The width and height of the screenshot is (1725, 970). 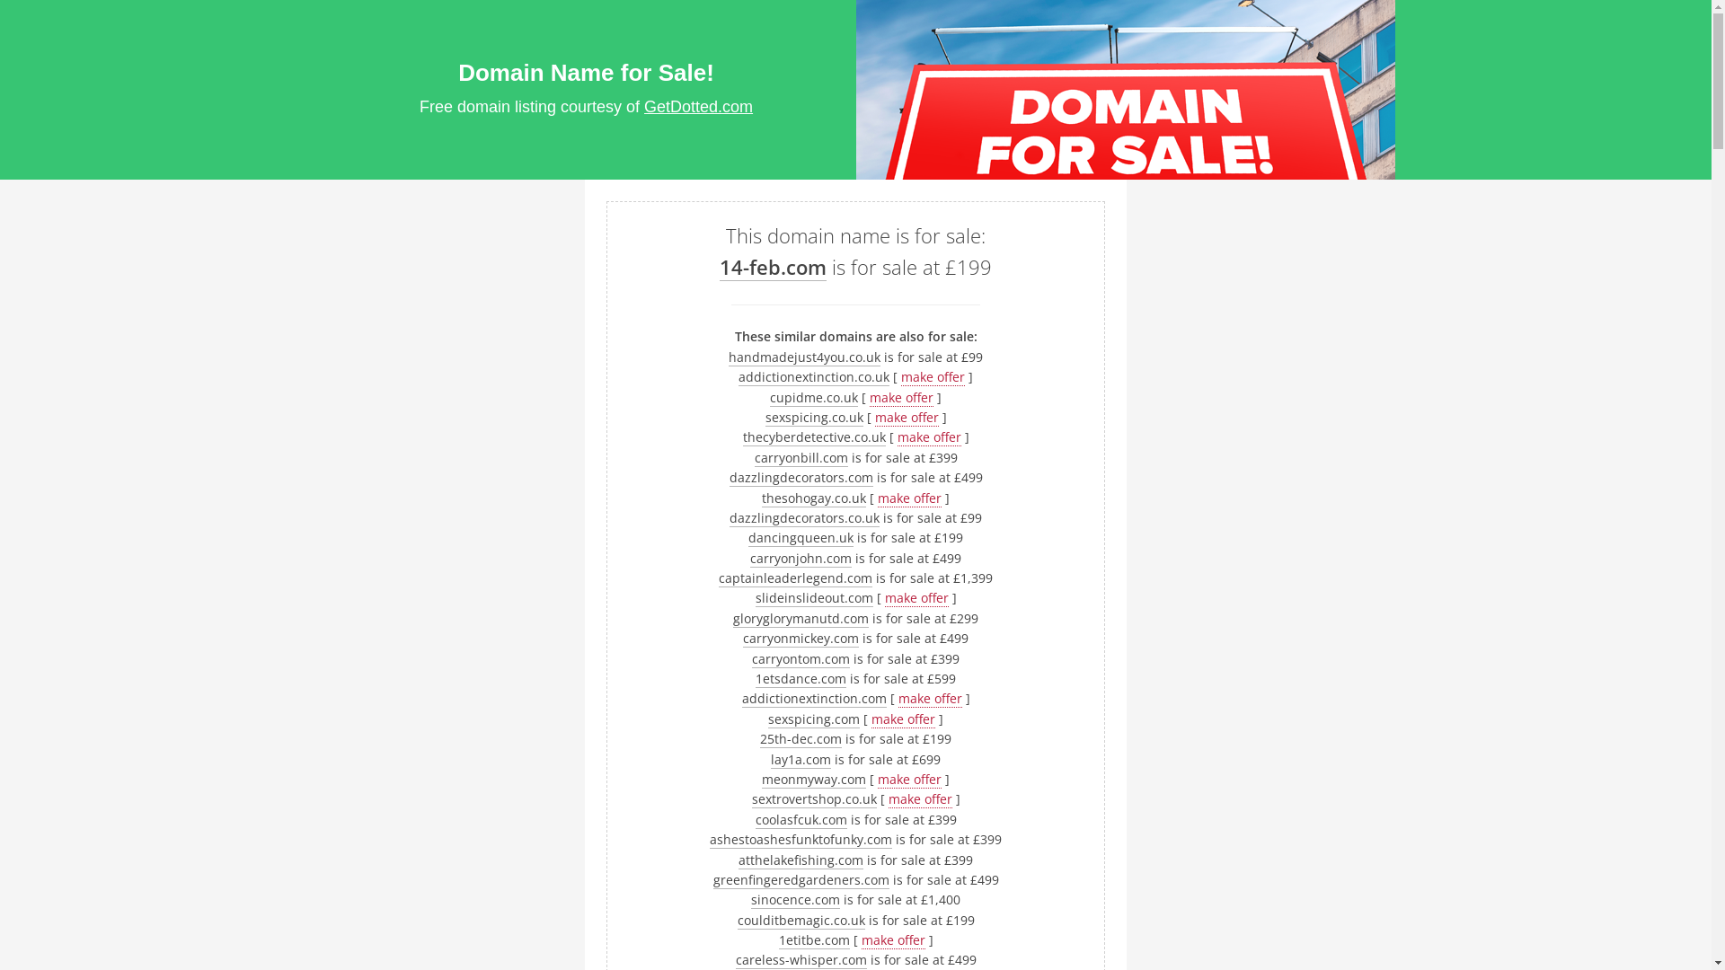 What do you see at coordinates (755, 820) in the screenshot?
I see `'coolasfcuk.com'` at bounding box center [755, 820].